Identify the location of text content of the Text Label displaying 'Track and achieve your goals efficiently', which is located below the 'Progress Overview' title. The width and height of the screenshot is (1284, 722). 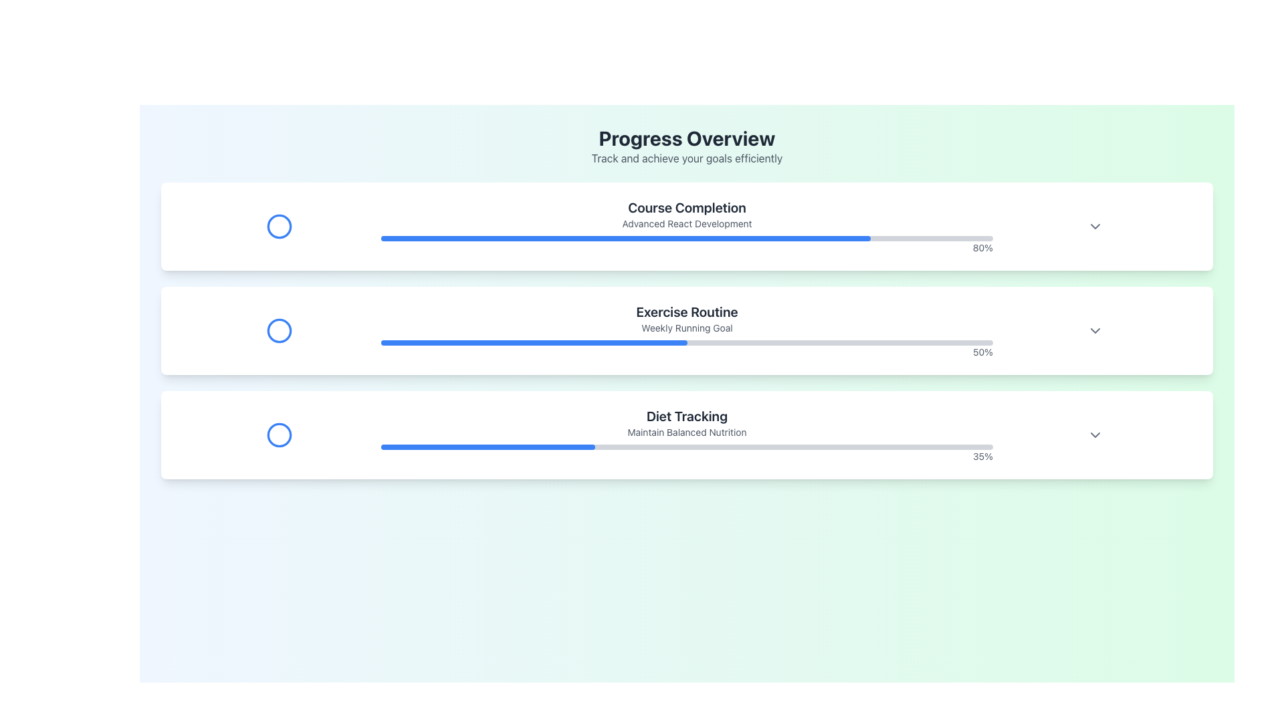
(687, 157).